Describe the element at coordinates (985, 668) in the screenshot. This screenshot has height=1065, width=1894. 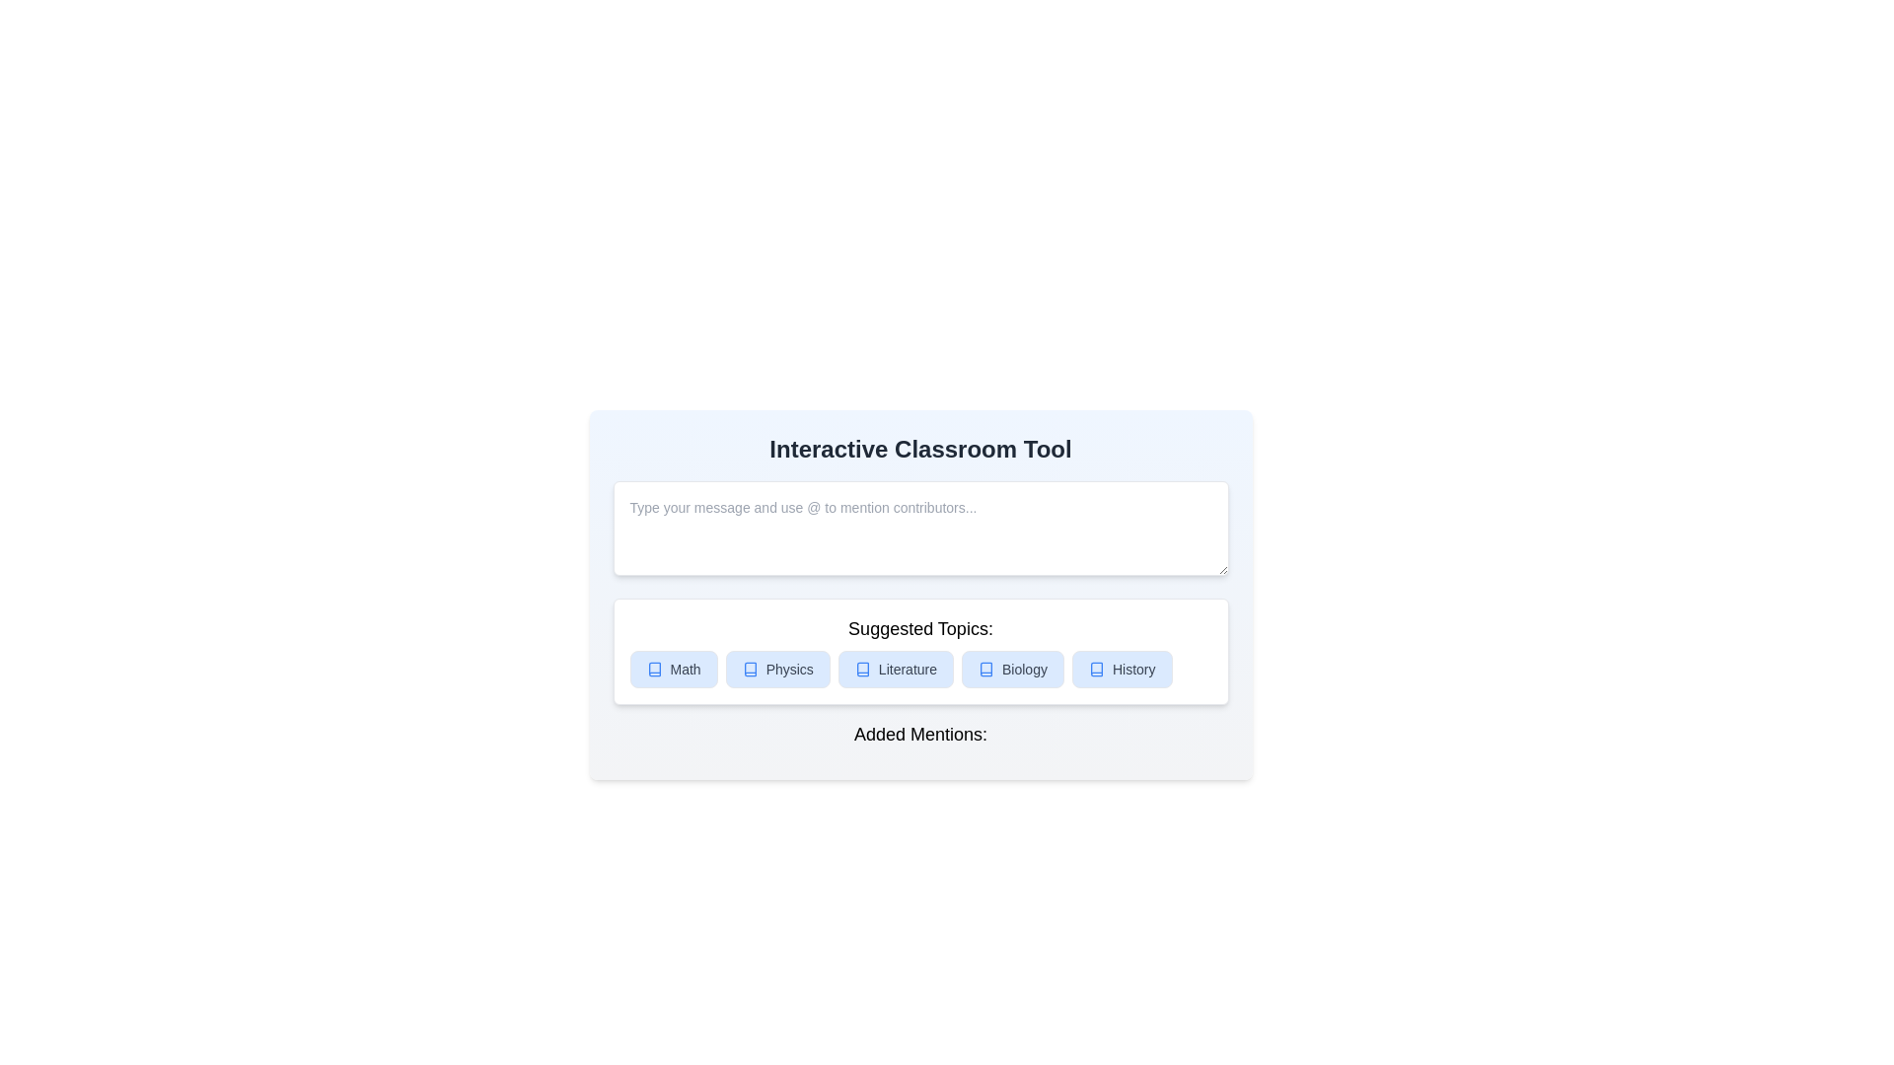
I see `the Biology icon, which serves as a decorative graphic associated with the educational topic of Biology, located in the middle of the button labeled 'Biology'` at that location.